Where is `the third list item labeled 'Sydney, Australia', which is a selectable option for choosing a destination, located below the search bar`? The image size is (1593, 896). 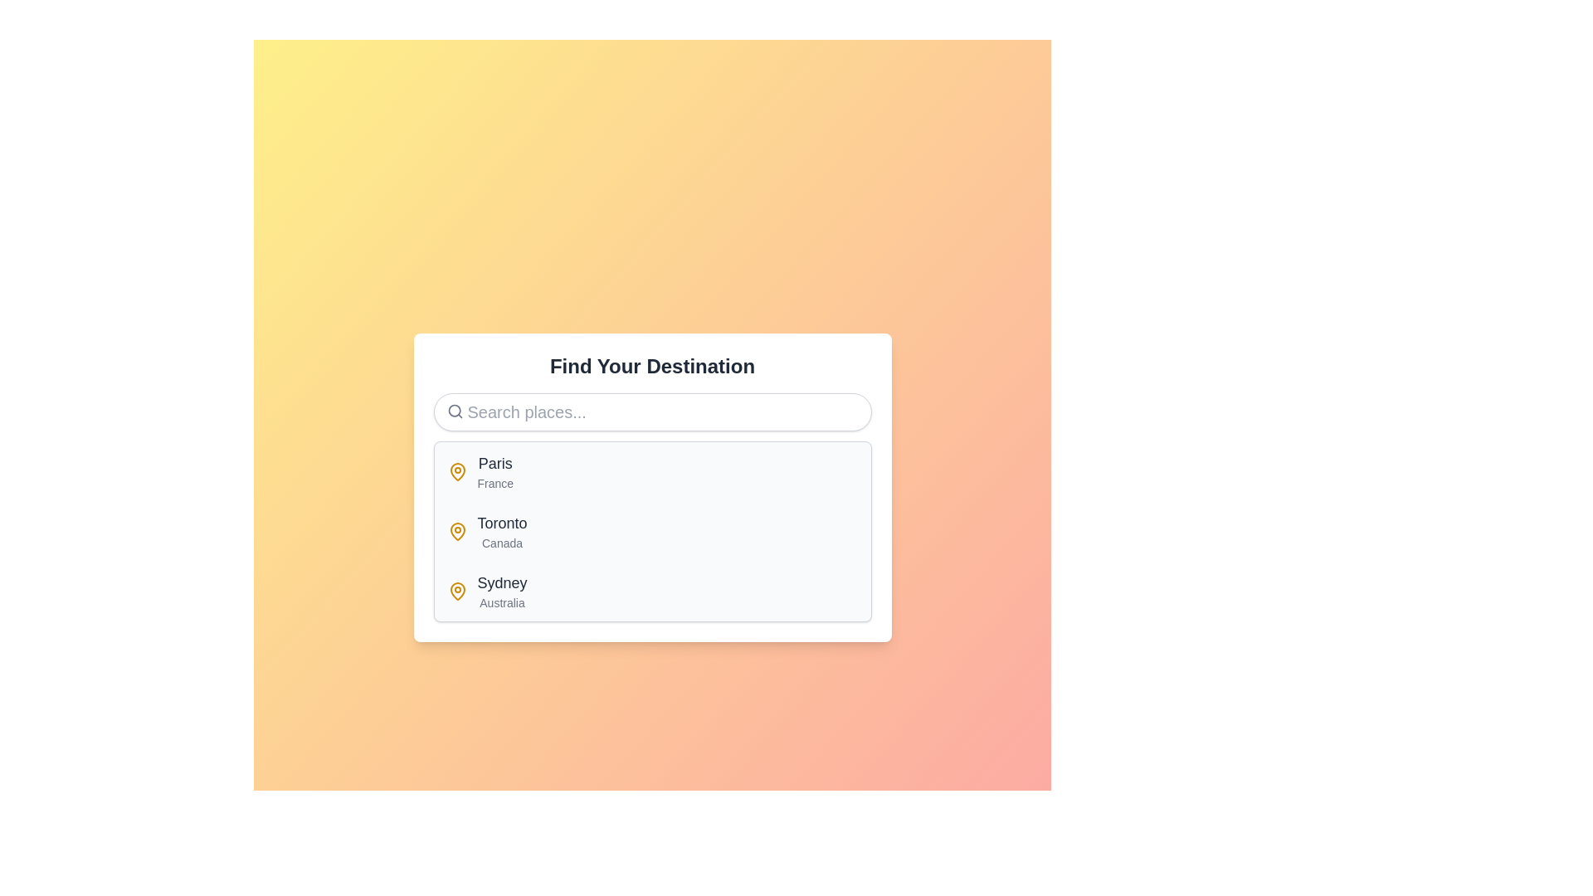
the third list item labeled 'Sydney, Australia', which is a selectable option for choosing a destination, located below the search bar is located at coordinates (651, 591).